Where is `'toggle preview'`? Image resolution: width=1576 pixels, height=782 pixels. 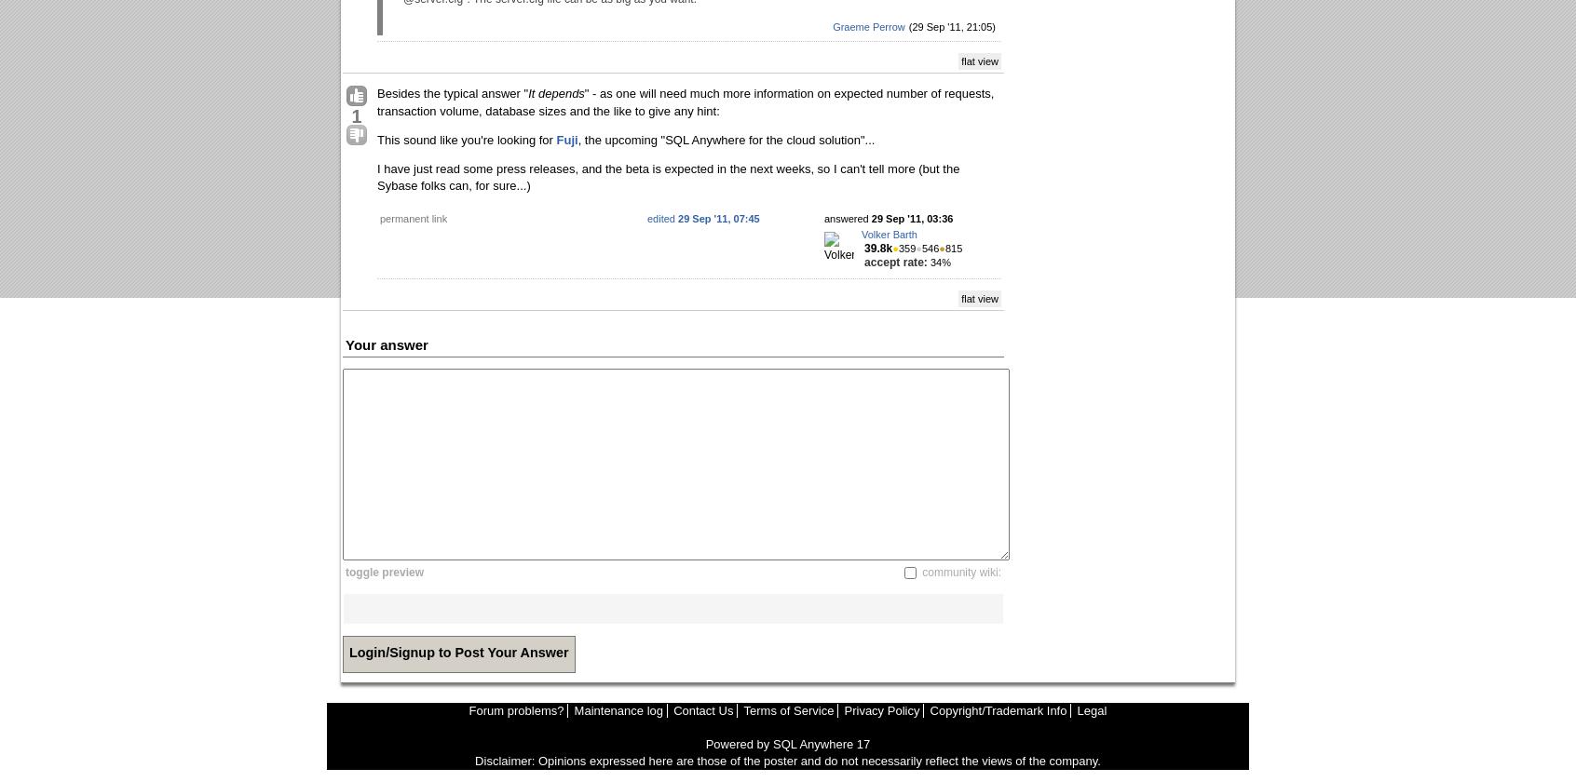 'toggle preview' is located at coordinates (385, 572).